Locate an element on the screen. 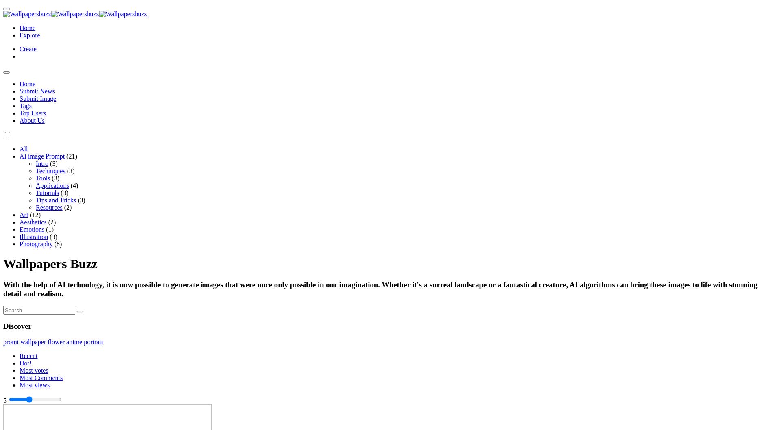 This screenshot has height=430, width=773. 'Hot!' is located at coordinates (25, 363).